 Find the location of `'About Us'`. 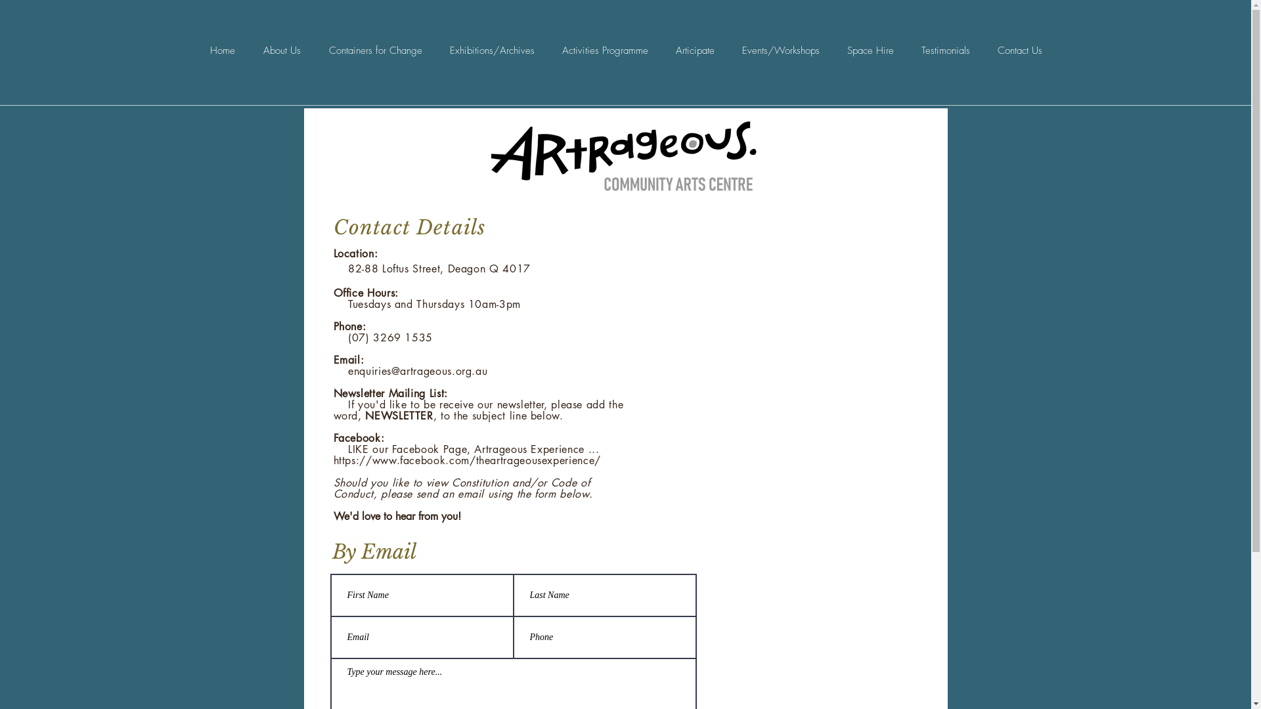

'About Us' is located at coordinates (282, 50).